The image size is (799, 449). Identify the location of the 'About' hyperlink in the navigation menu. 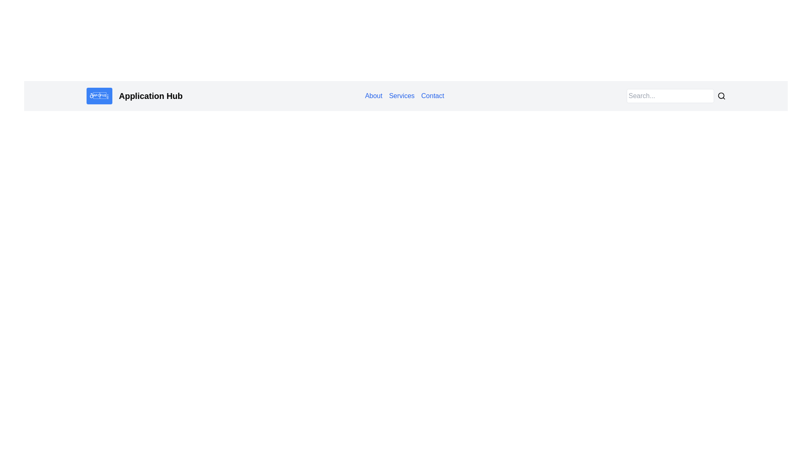
(373, 96).